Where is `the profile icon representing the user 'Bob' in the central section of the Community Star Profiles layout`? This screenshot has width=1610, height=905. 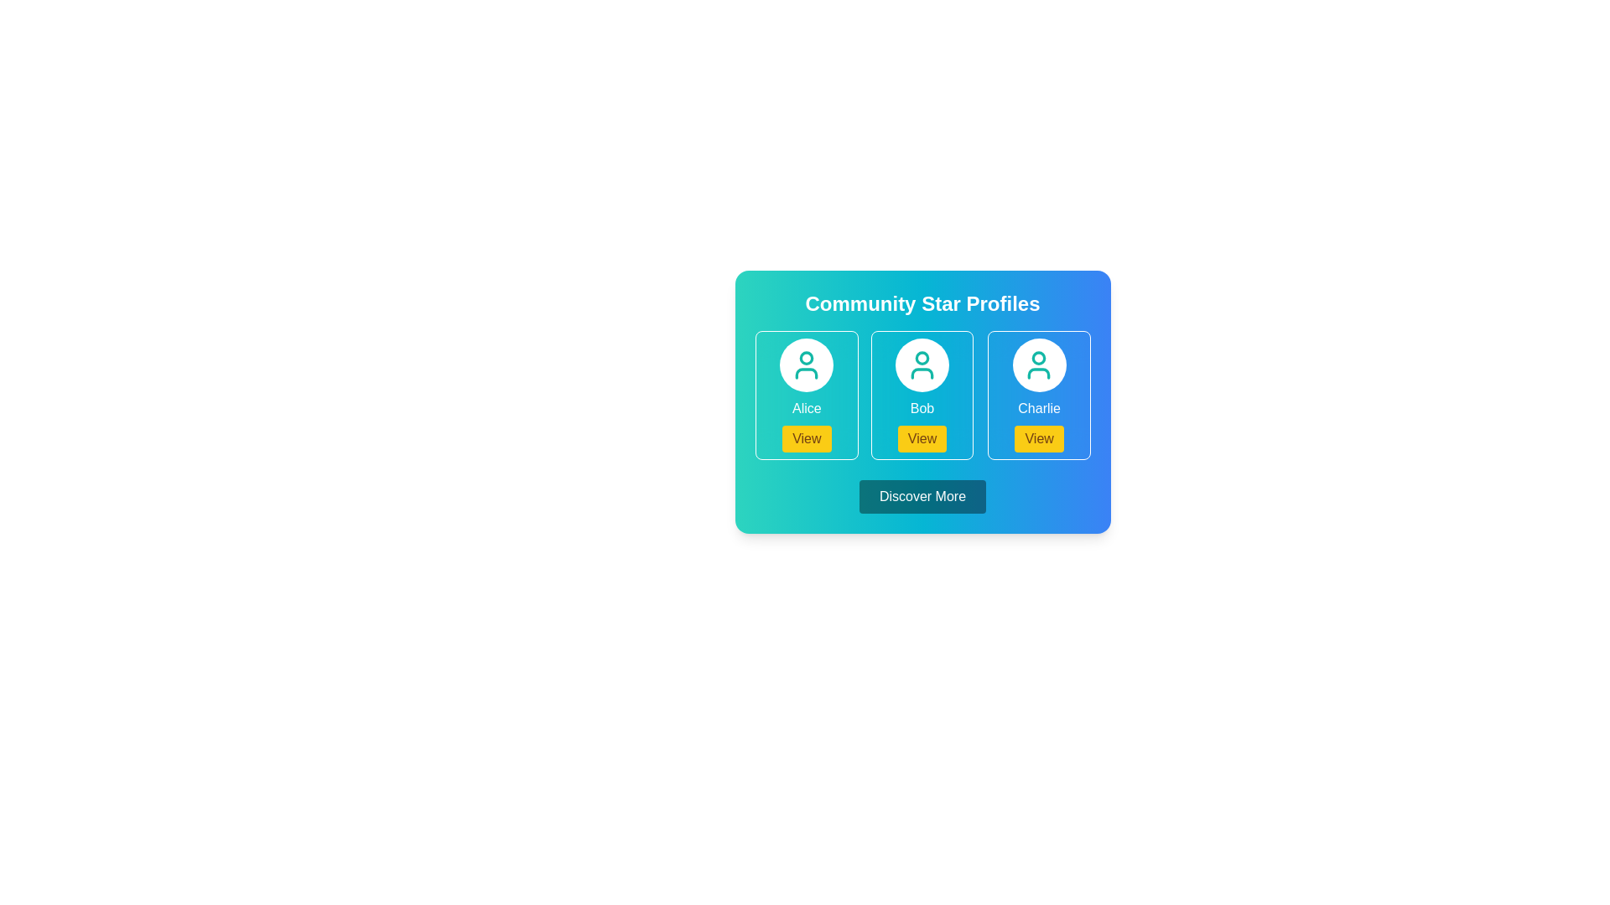 the profile icon representing the user 'Bob' in the central section of the Community Star Profiles layout is located at coordinates (922, 357).